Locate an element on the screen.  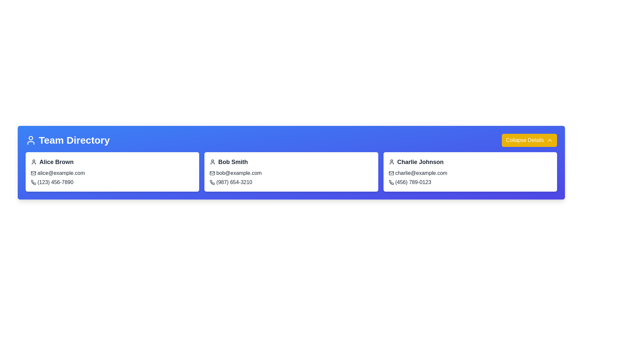
the chevron indicator located within the 'Collapse Details' button in the top-right corner of the blue panel is located at coordinates (550, 140).